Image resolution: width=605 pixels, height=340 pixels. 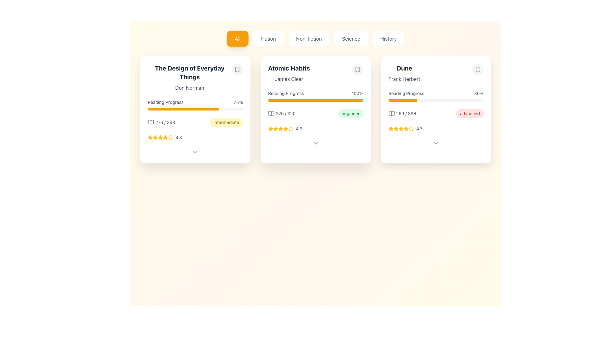 What do you see at coordinates (285, 114) in the screenshot?
I see `static text displaying '320 / 320' in a small gray font, located beside the book icon within the second card titled 'Atomic Habits'` at bounding box center [285, 114].